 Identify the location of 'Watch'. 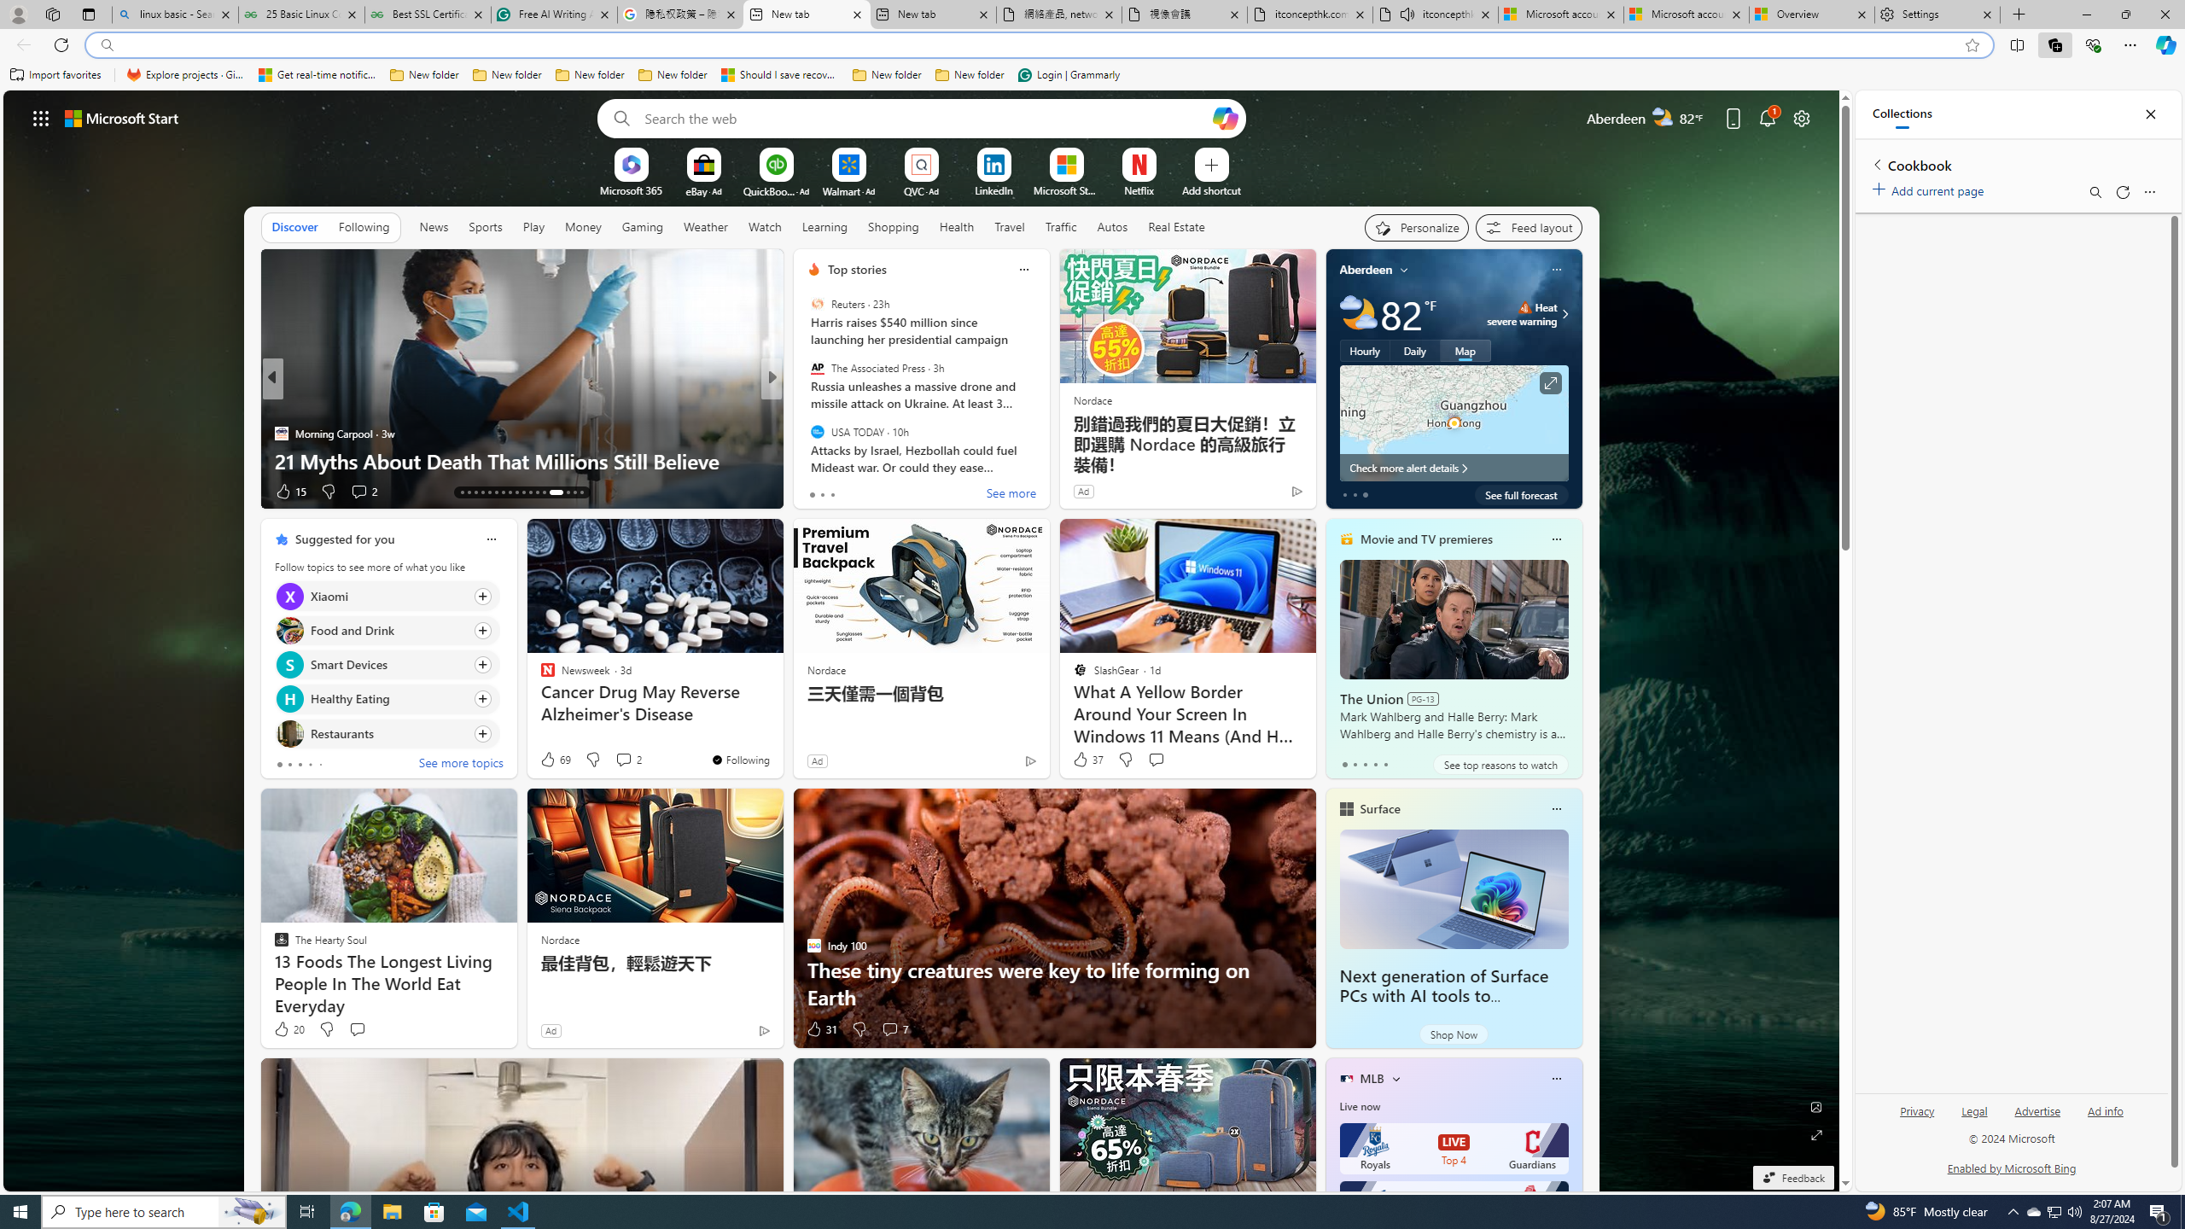
(765, 225).